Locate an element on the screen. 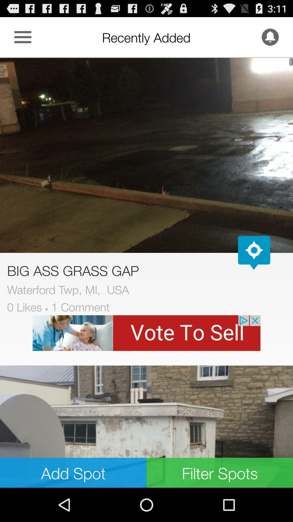  notifications is located at coordinates (270, 37).